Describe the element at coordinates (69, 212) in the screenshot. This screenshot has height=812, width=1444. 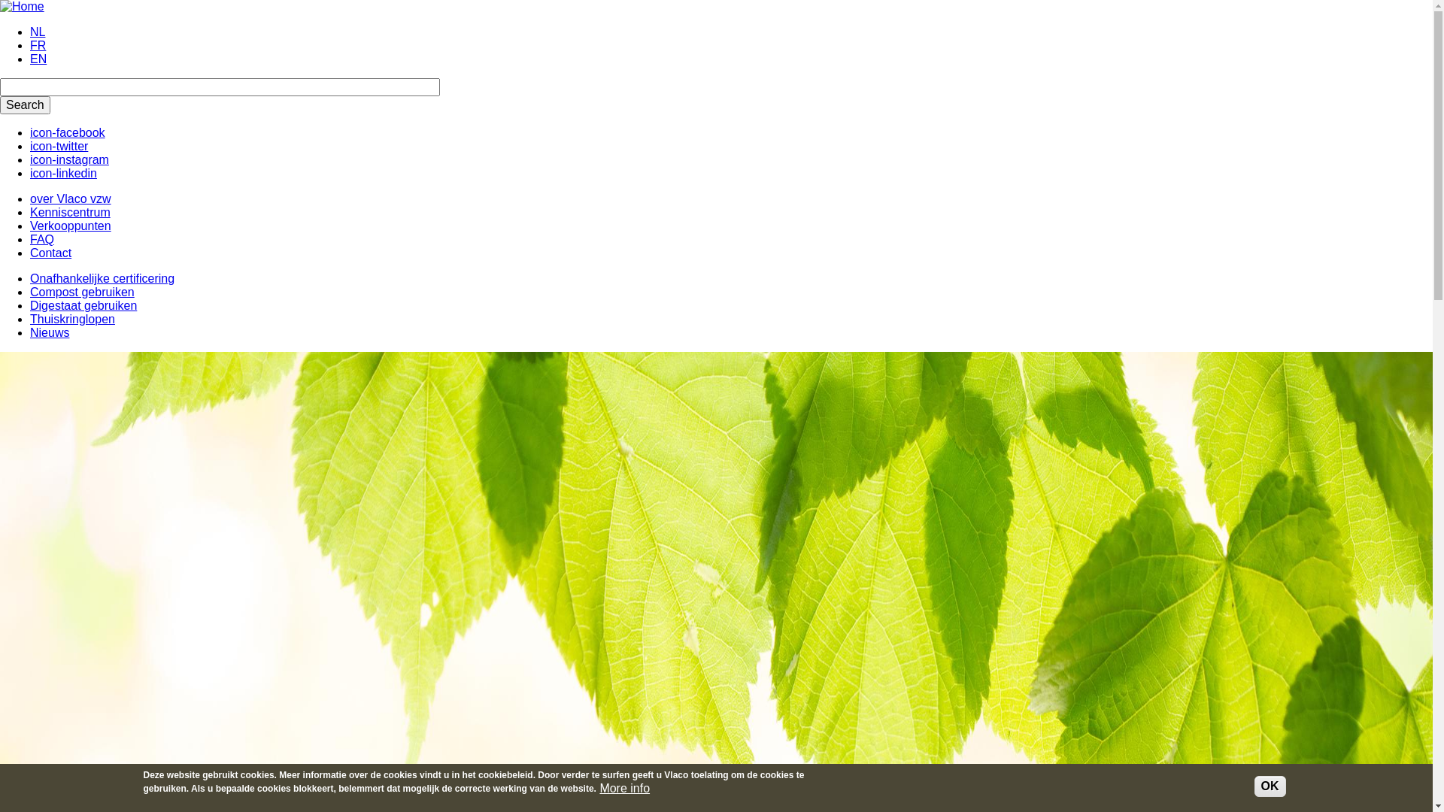
I see `'Kenniscentrum'` at that location.